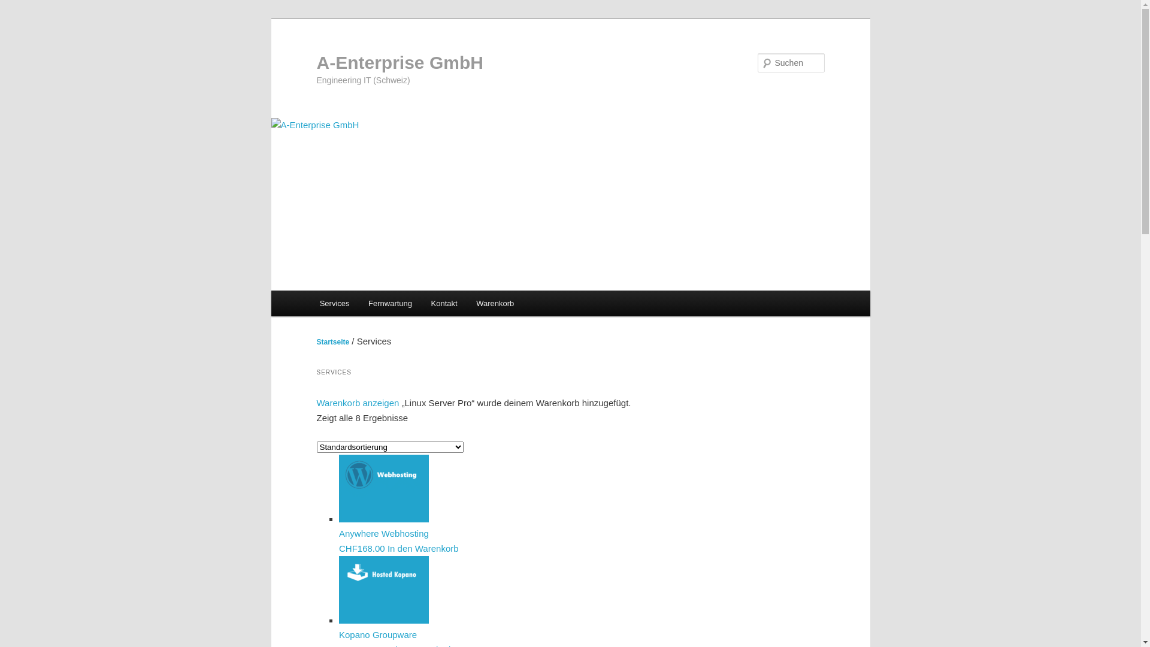 This screenshot has width=1150, height=647. Describe the element at coordinates (495, 303) in the screenshot. I see `'Warenkorb'` at that location.